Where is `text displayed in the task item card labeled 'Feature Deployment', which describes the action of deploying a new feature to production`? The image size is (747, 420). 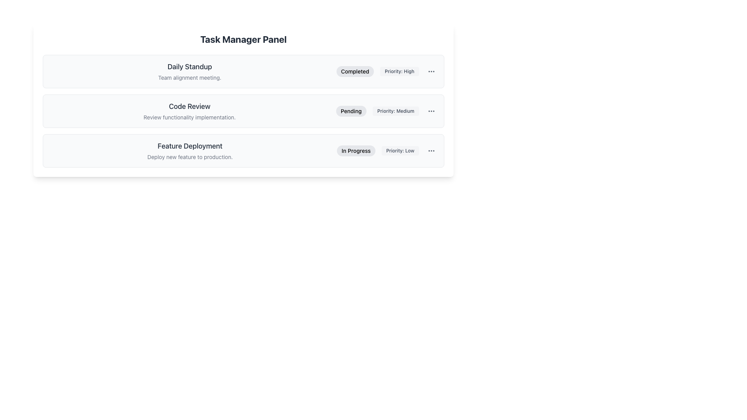
text displayed in the task item card labeled 'Feature Deployment', which describes the action of deploying a new feature to production is located at coordinates (190, 151).